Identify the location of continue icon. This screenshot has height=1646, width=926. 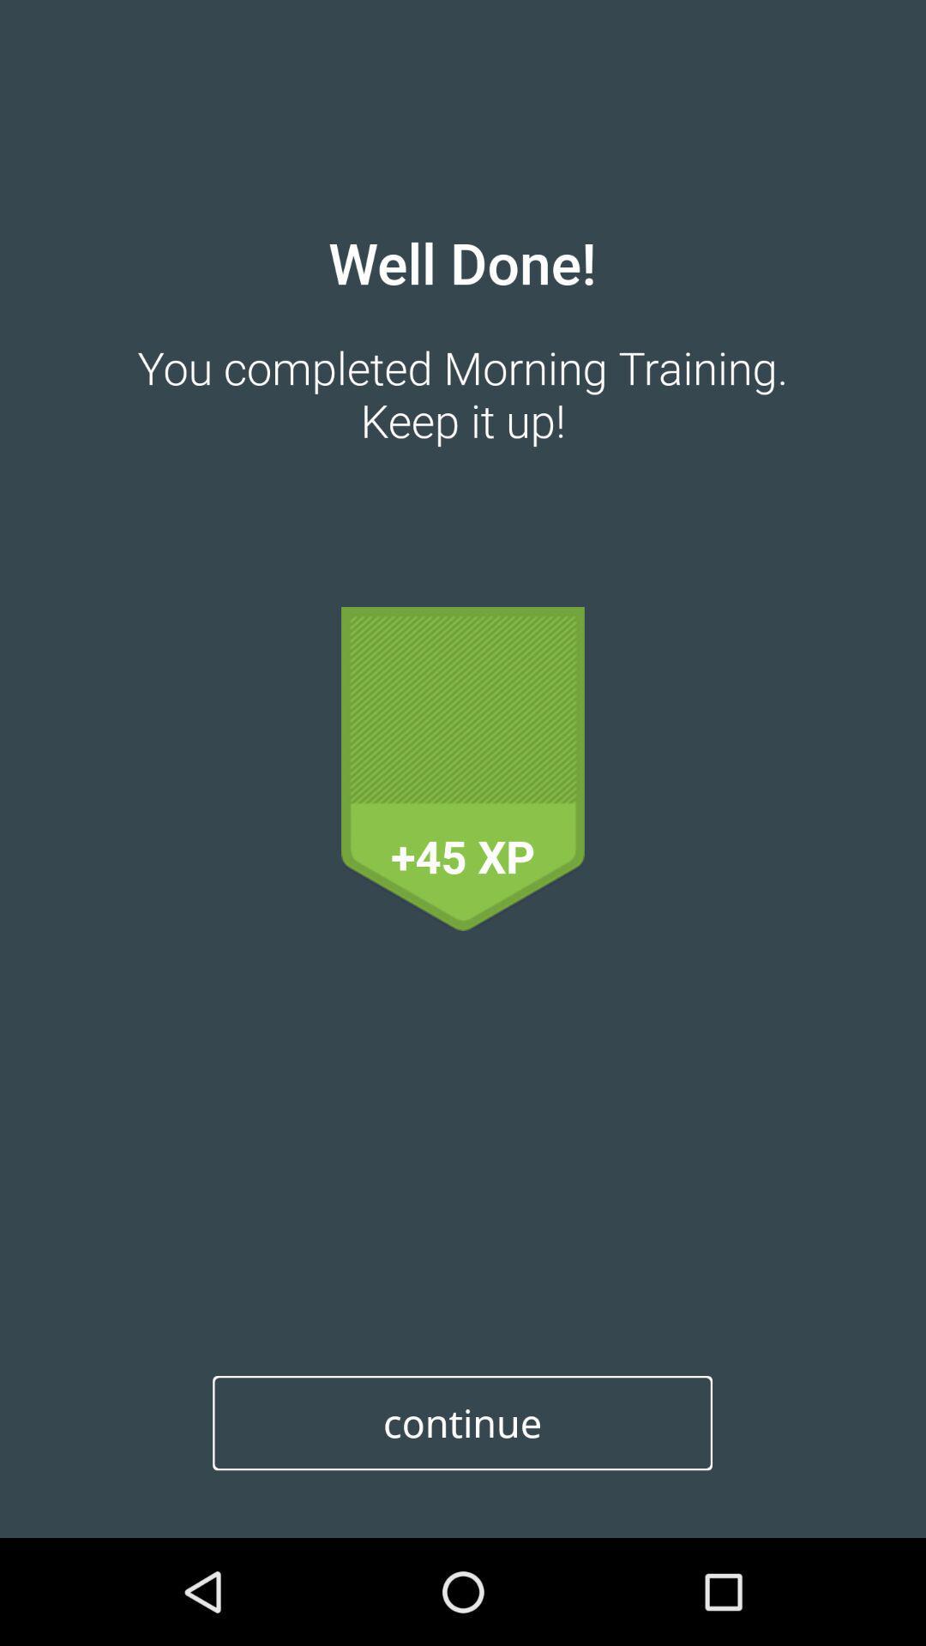
(461, 1423).